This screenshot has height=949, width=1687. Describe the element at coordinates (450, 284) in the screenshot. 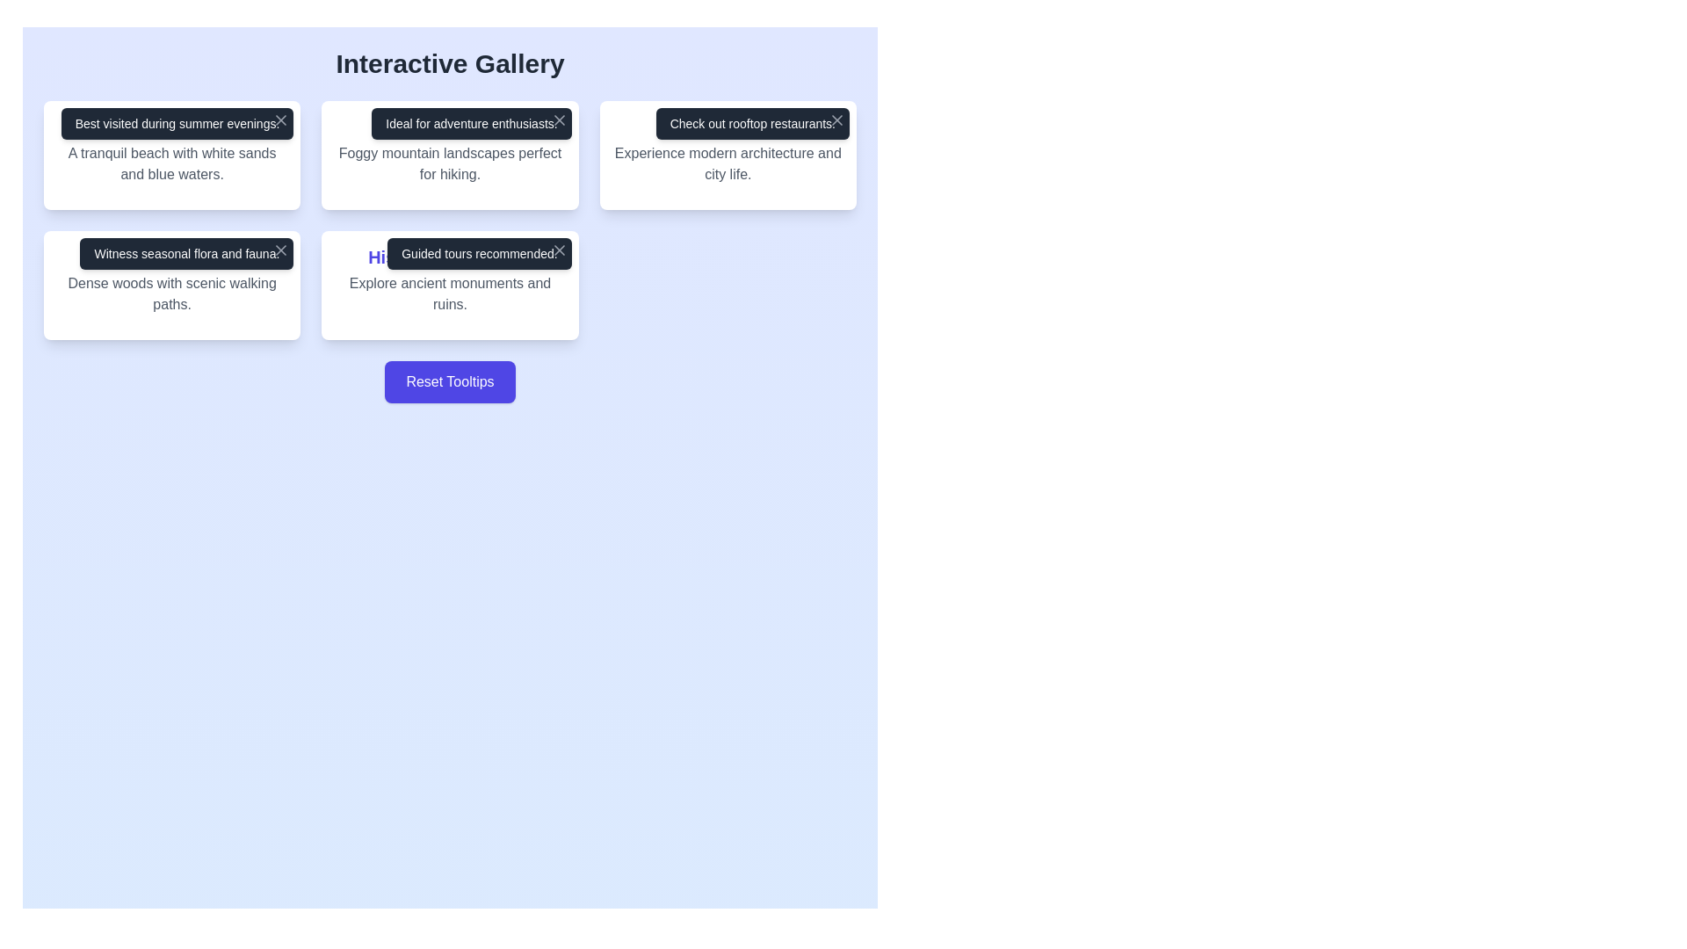

I see `the informational card that provides users with details about historic landmarks, located in the second row and second column of the grid layout, below 'Foggy mountain landscapes perfect for hiking.' and to the right of 'Dense woods with scenic walking paths.'` at that location.